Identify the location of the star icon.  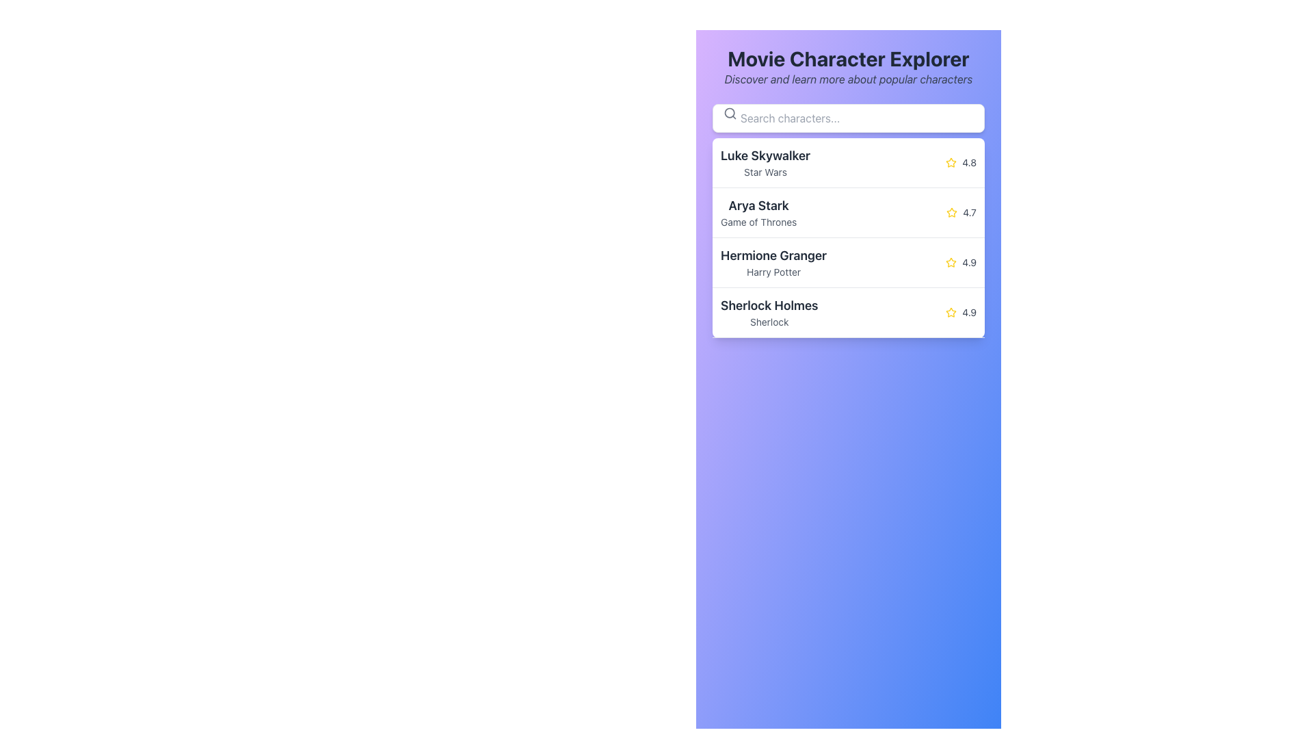
(951, 213).